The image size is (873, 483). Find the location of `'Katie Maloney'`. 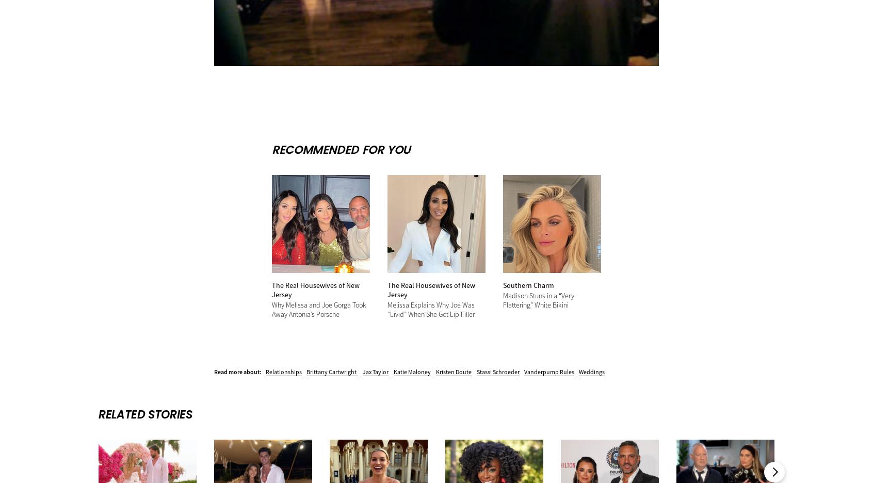

'Katie Maloney' is located at coordinates (412, 371).